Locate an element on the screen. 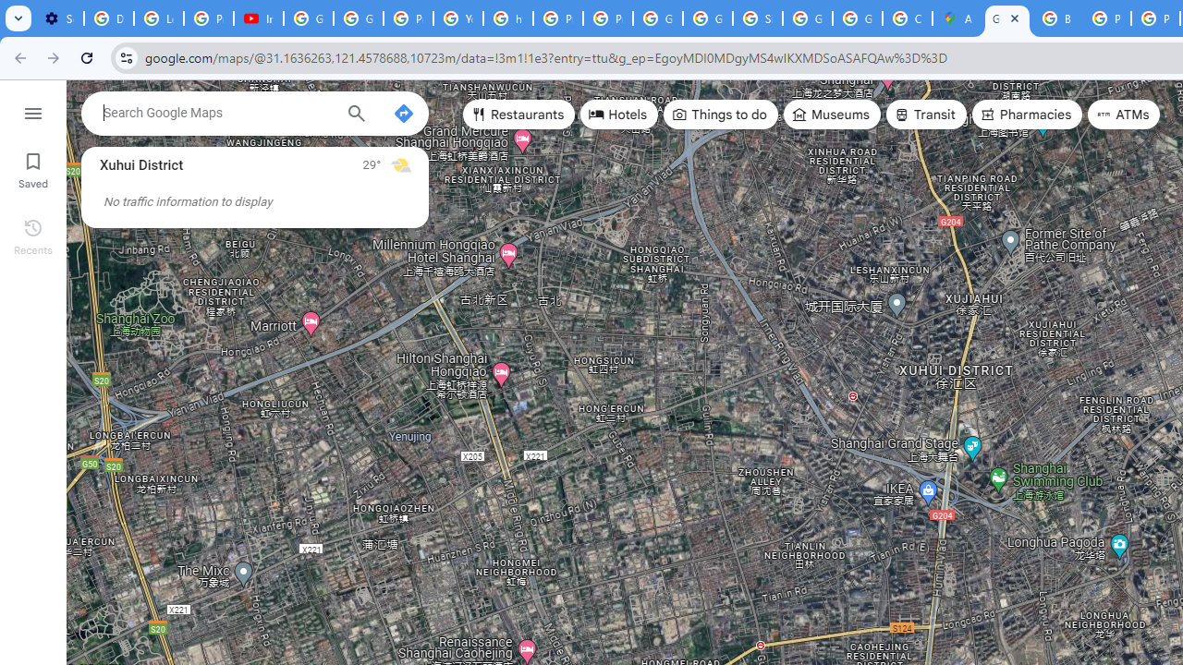 The width and height of the screenshot is (1183, 665). 'Search Google Maps' is located at coordinates (217, 113).